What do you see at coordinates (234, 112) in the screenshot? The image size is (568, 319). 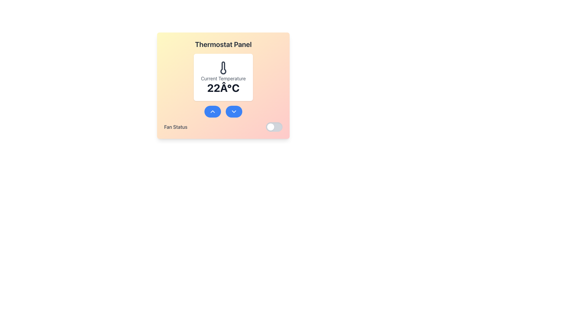 I see `the downward-pointing chevron icon inside the blue circular button at the bottom of the thermostat panel` at bounding box center [234, 112].